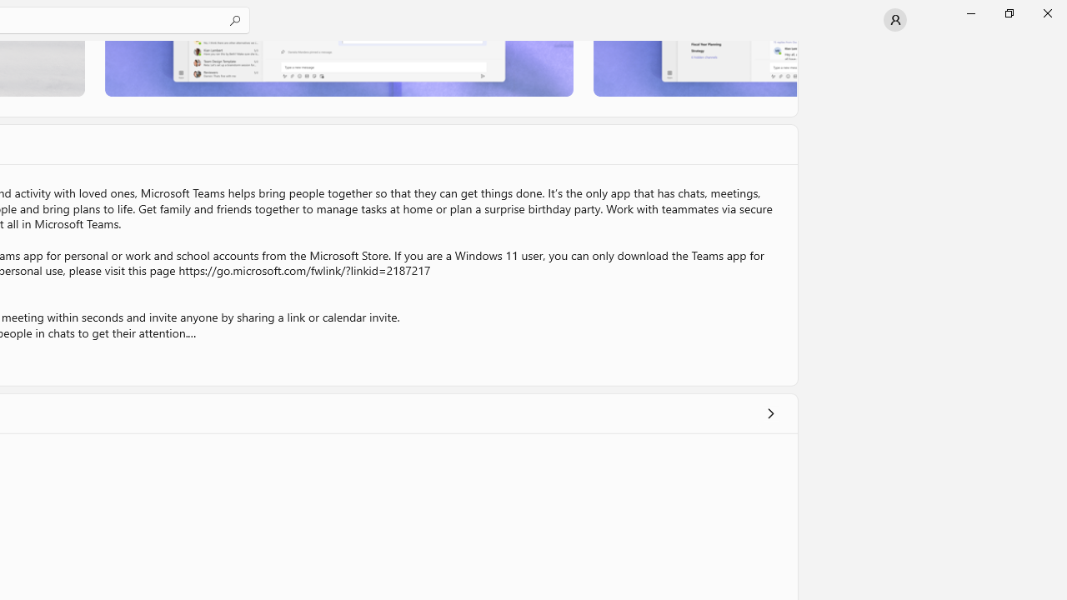 The height and width of the screenshot is (600, 1067). I want to click on 'Close Microsoft Store', so click(1046, 12).